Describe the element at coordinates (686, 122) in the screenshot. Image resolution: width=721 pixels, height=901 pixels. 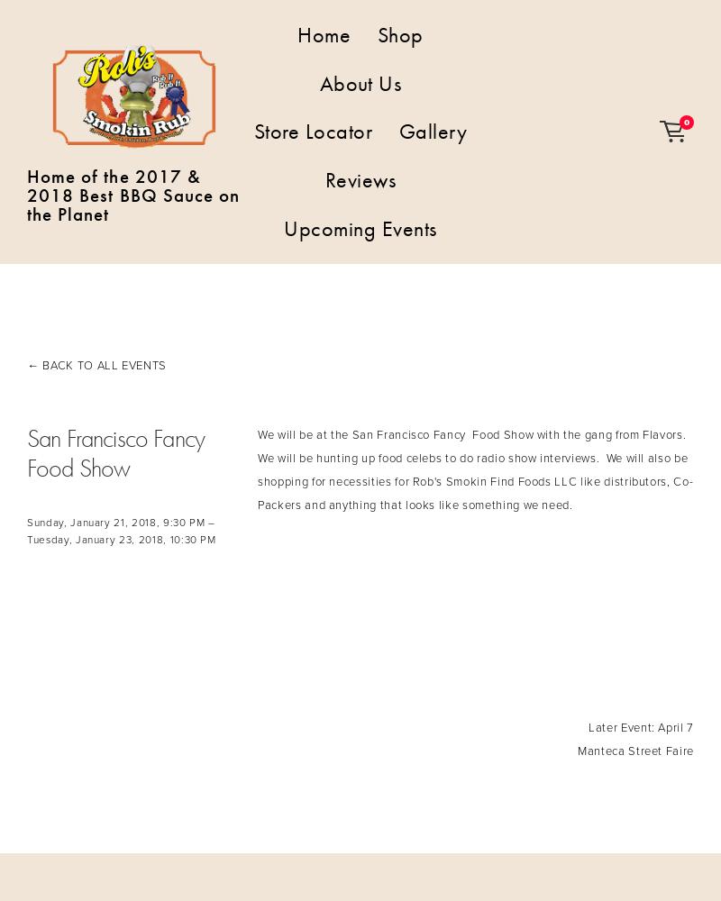
I see `'0'` at that location.